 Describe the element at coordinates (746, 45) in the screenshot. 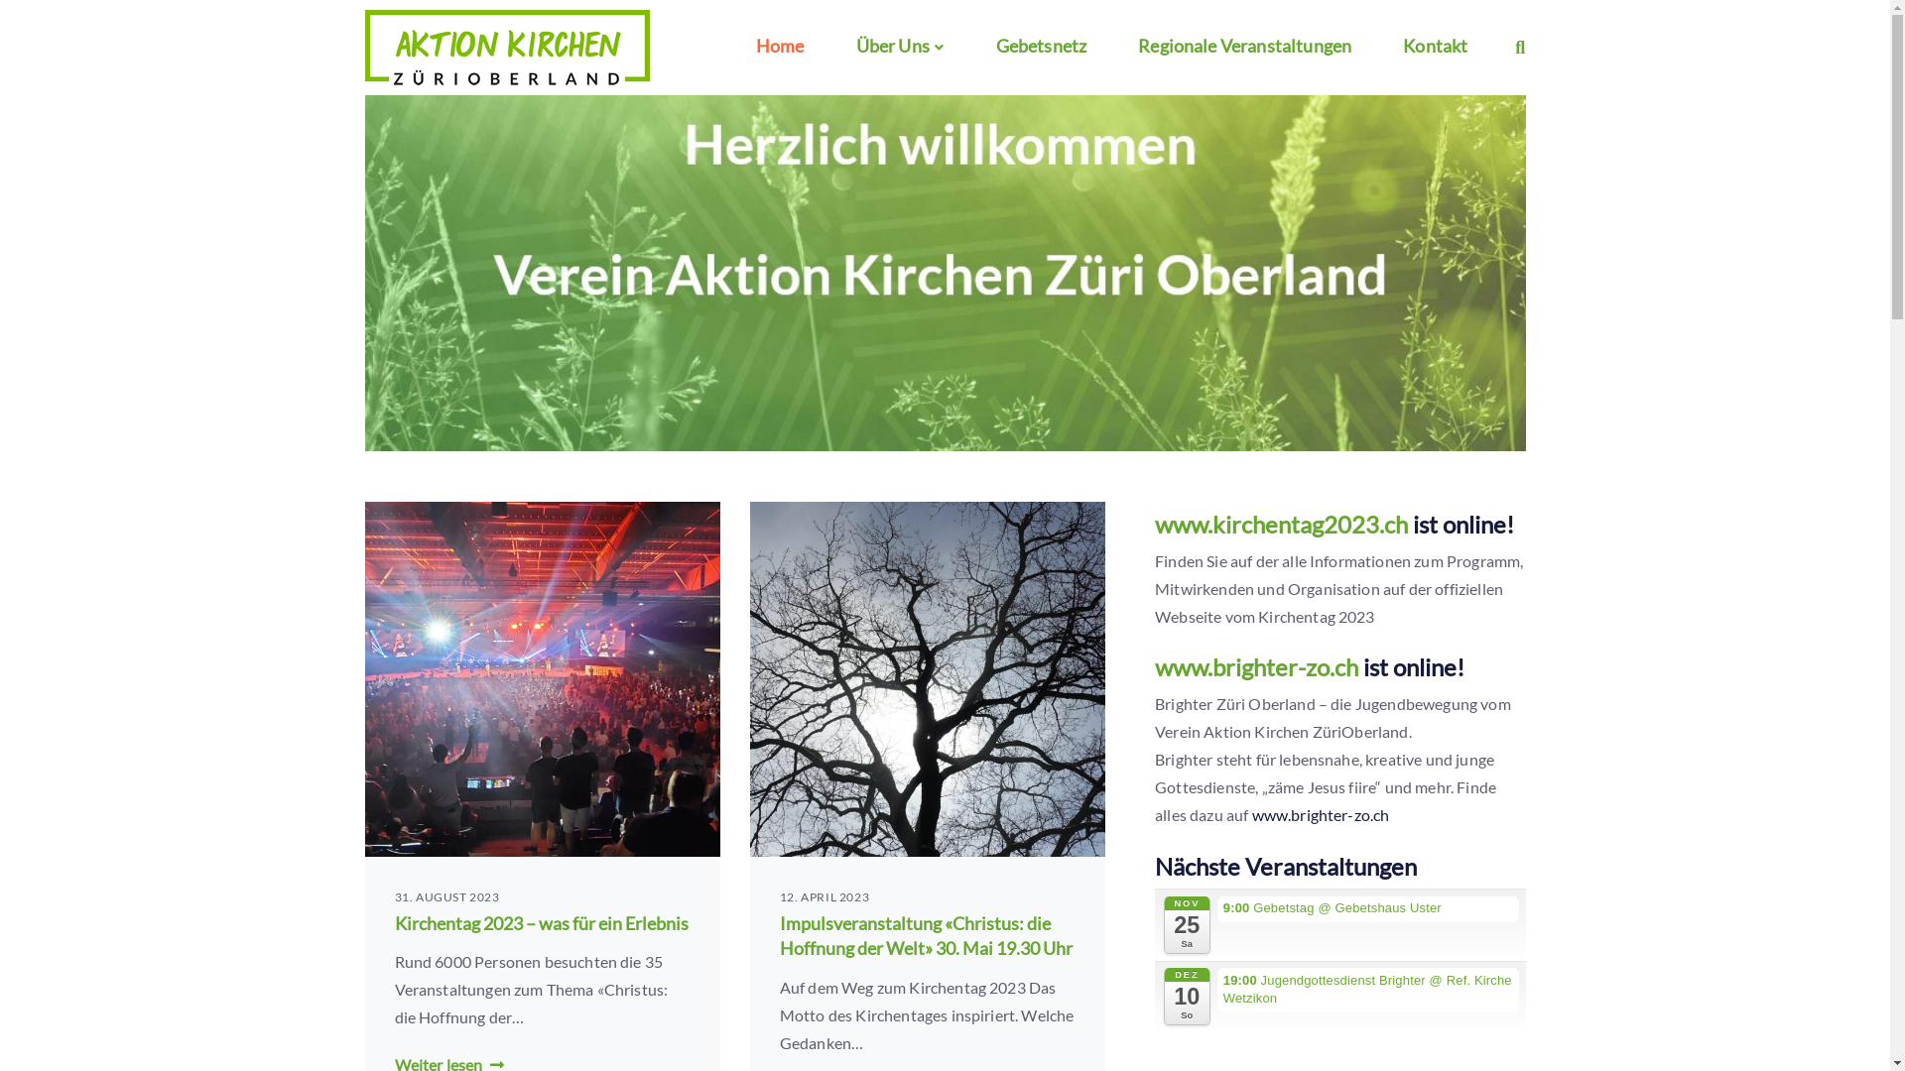

I see `'Home'` at that location.